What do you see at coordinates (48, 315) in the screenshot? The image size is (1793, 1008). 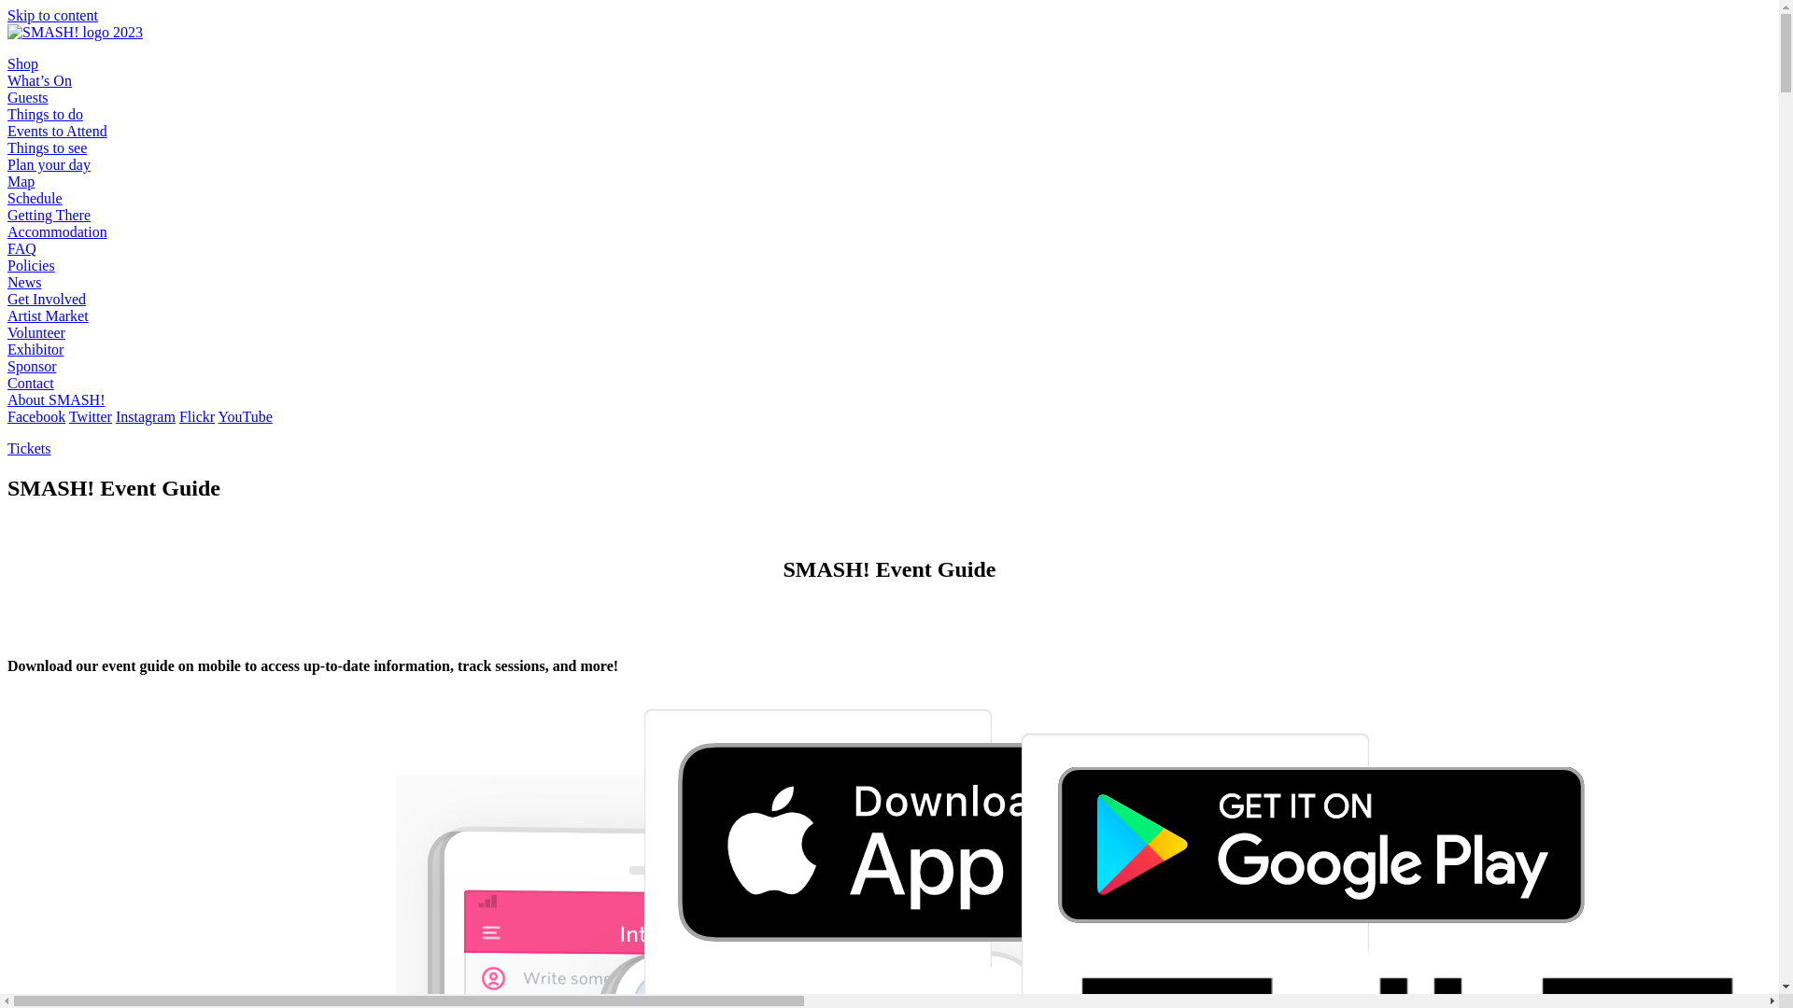 I see `'Artist Market'` at bounding box center [48, 315].